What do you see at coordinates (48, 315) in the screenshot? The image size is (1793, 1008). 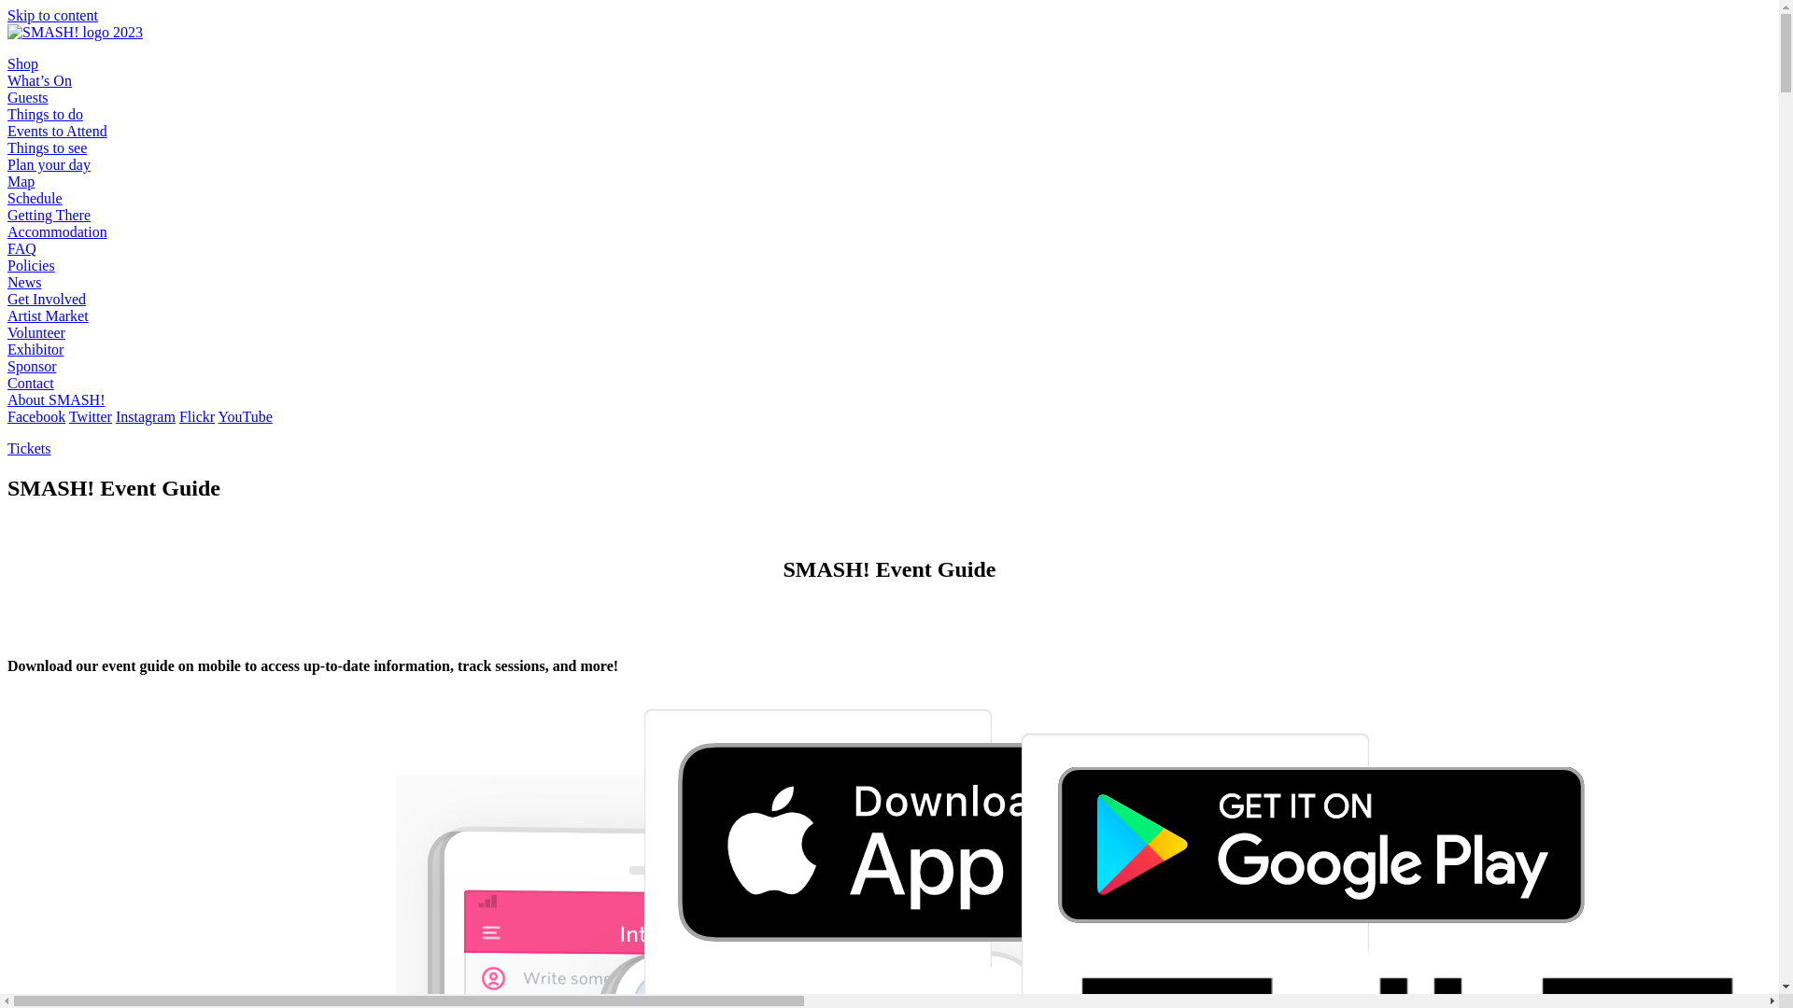 I see `'Artist Market'` at bounding box center [48, 315].